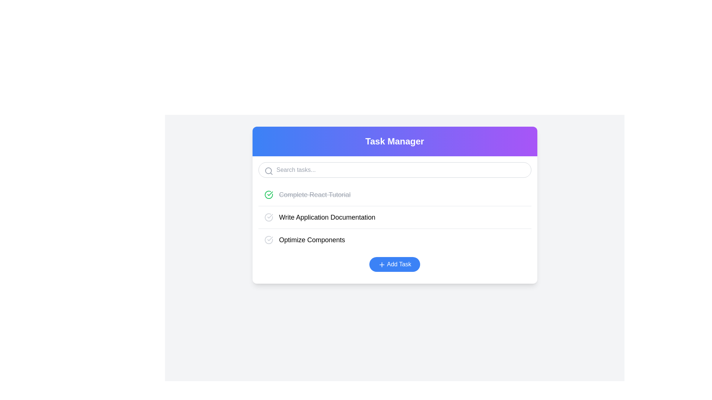 The image size is (712, 400). What do you see at coordinates (394, 264) in the screenshot?
I see `the blue 'Add Task' button with rounded edges located at the bottom of the content section` at bounding box center [394, 264].